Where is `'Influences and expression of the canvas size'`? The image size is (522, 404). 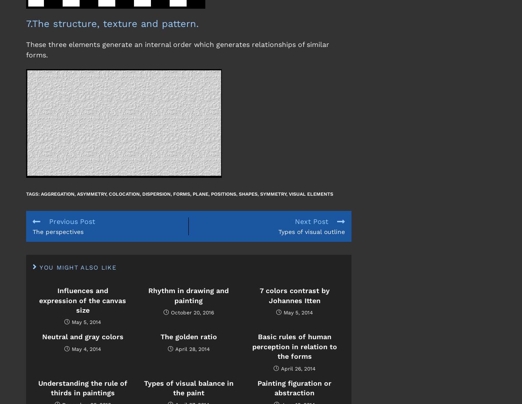 'Influences and expression of the canvas size' is located at coordinates (82, 300).